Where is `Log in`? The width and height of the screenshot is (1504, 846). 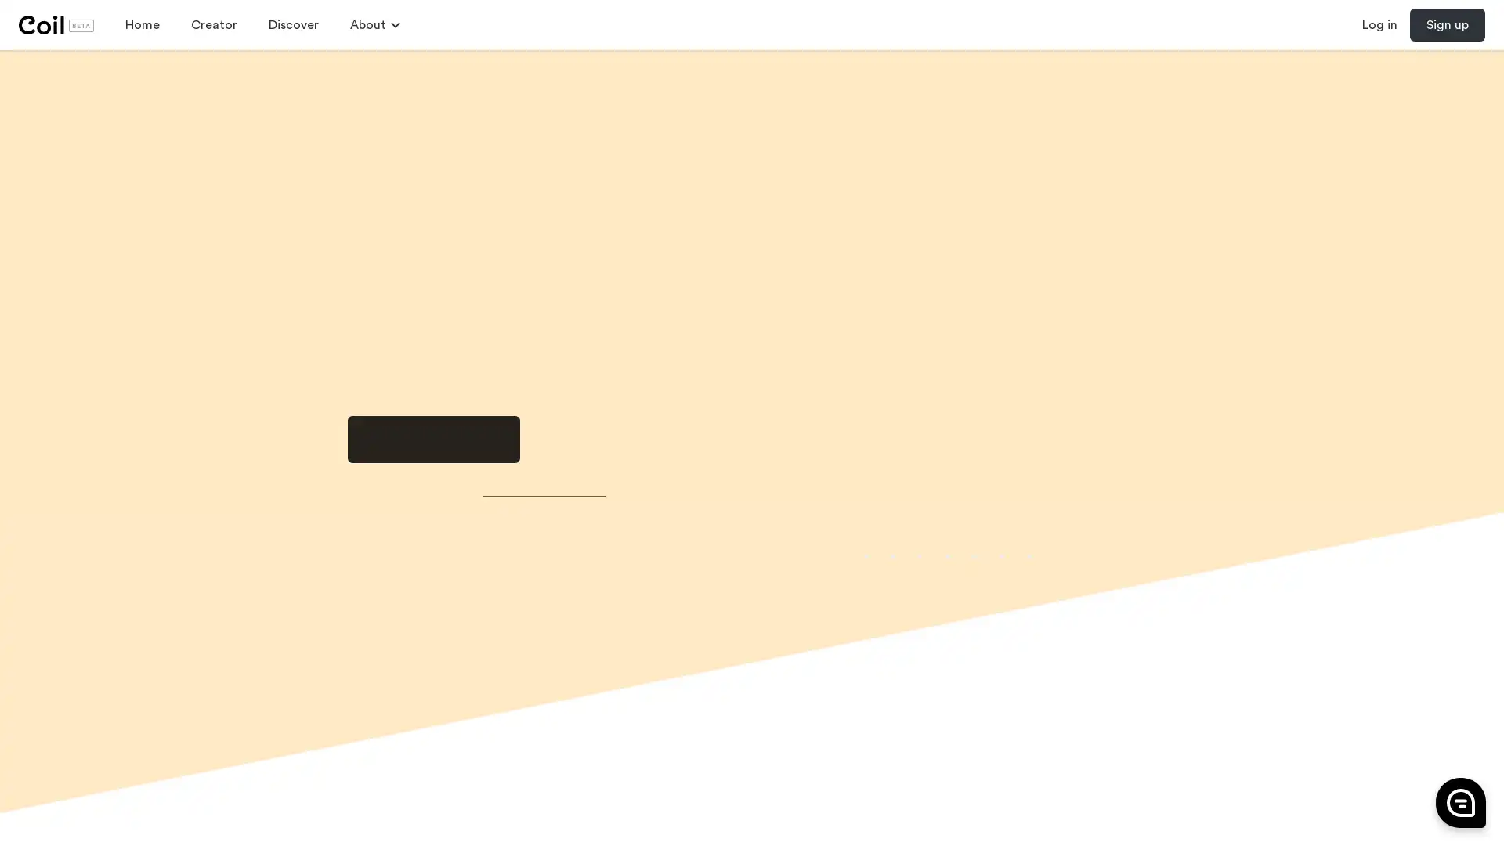
Log in is located at coordinates (1379, 24).